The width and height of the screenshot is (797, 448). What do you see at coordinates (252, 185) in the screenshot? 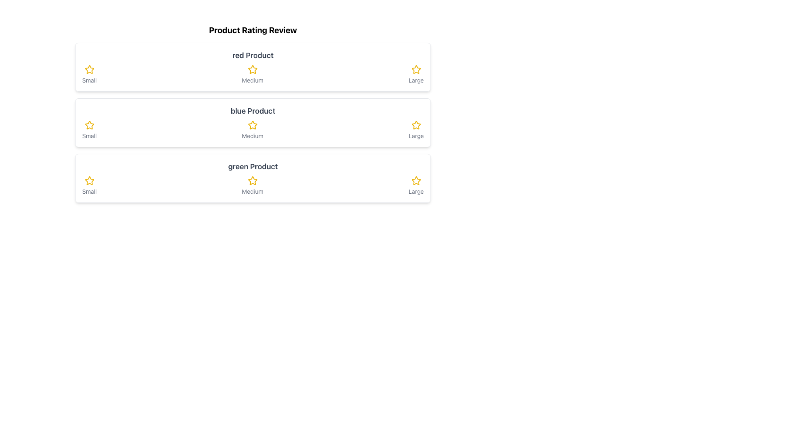
I see `label of the selection option labeled 'Medium', which features a yellow star icon above the text and is styled with a capitalized font. It is the middle item in a horizontal layout associated with the 'Green Product' section` at bounding box center [252, 185].